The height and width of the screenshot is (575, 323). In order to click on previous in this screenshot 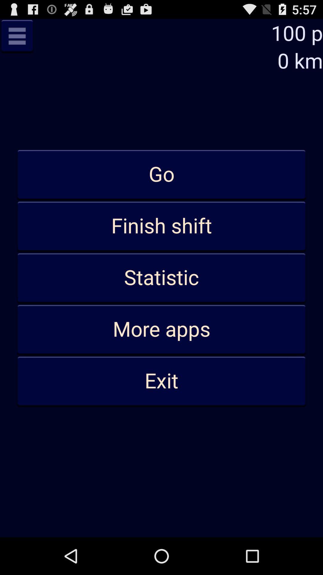, I will do `click(17, 36)`.